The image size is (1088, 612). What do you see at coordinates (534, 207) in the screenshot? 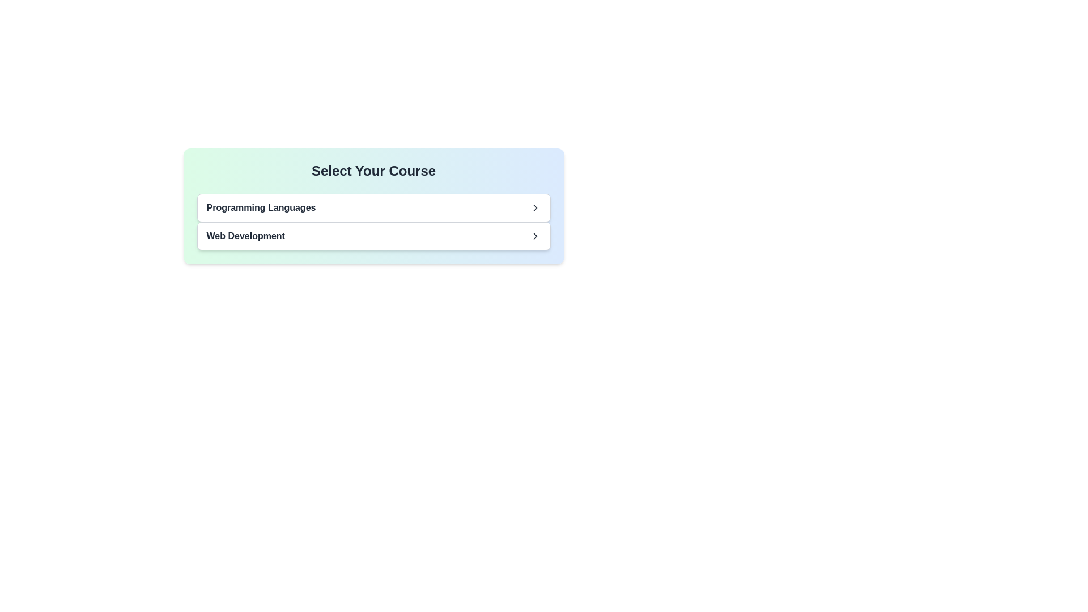
I see `the Decorative SVG icon that indicates a navigational or hierarchical relationship for the 'Programming Languages' list item` at bounding box center [534, 207].